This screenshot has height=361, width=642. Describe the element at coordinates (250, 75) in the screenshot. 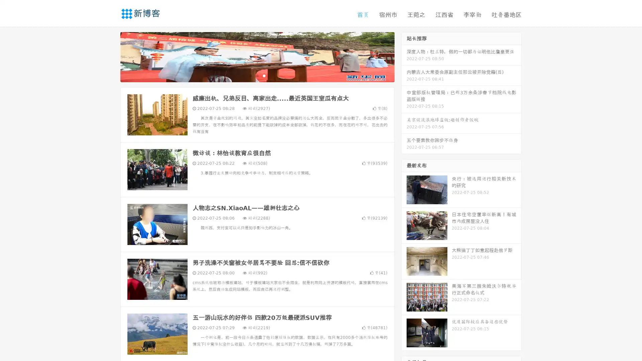

I see `Go to slide 1` at that location.